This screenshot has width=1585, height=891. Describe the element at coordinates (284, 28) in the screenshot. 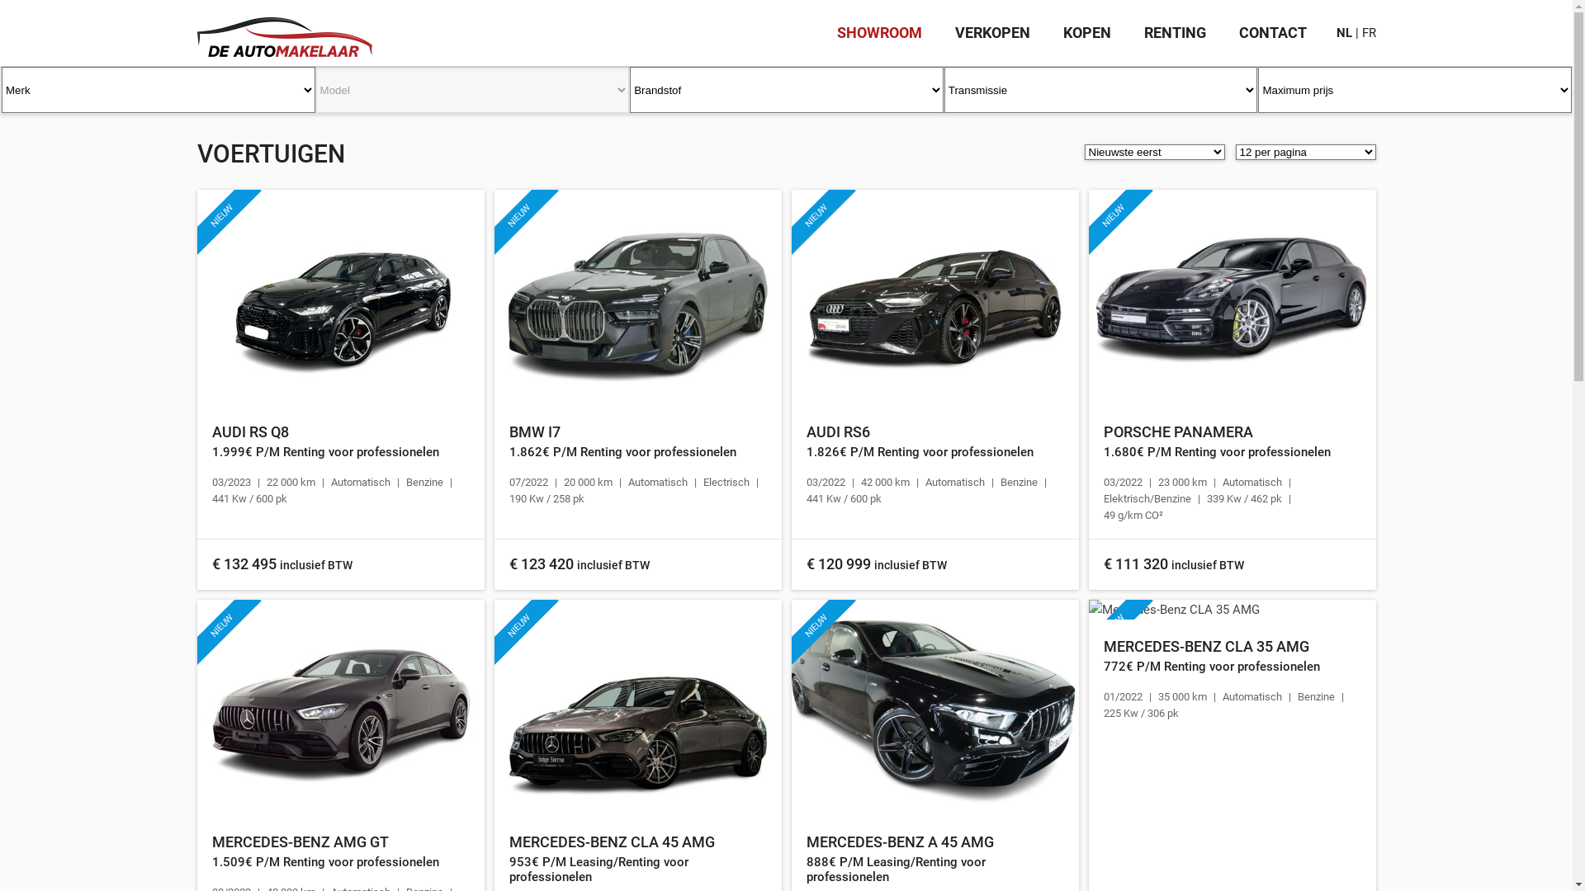

I see `'Automakelaar'` at that location.